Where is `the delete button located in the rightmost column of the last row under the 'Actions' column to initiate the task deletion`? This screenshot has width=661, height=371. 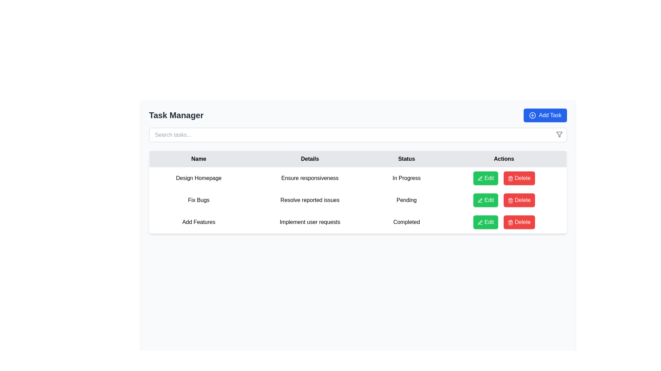
the delete button located in the rightmost column of the last row under the 'Actions' column to initiate the task deletion is located at coordinates (519, 222).